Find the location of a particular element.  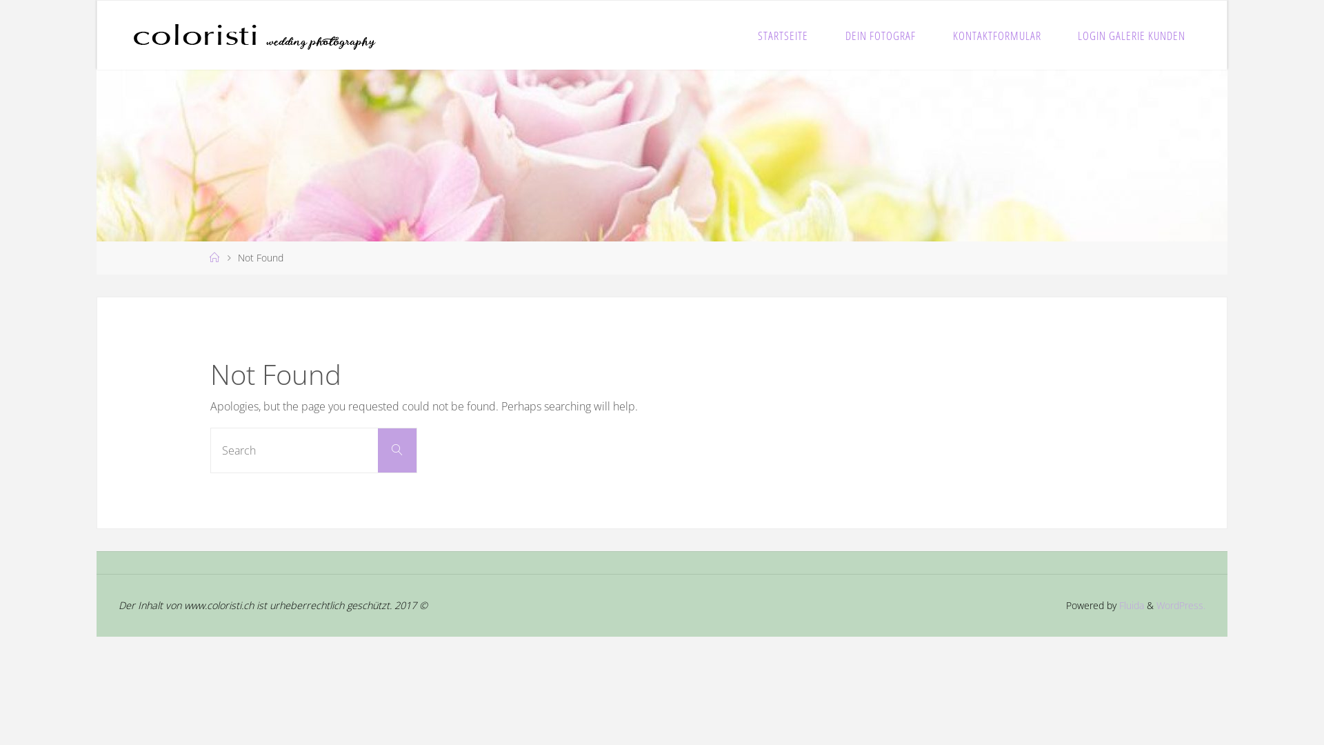

'WordPress.' is located at coordinates (1156, 604).